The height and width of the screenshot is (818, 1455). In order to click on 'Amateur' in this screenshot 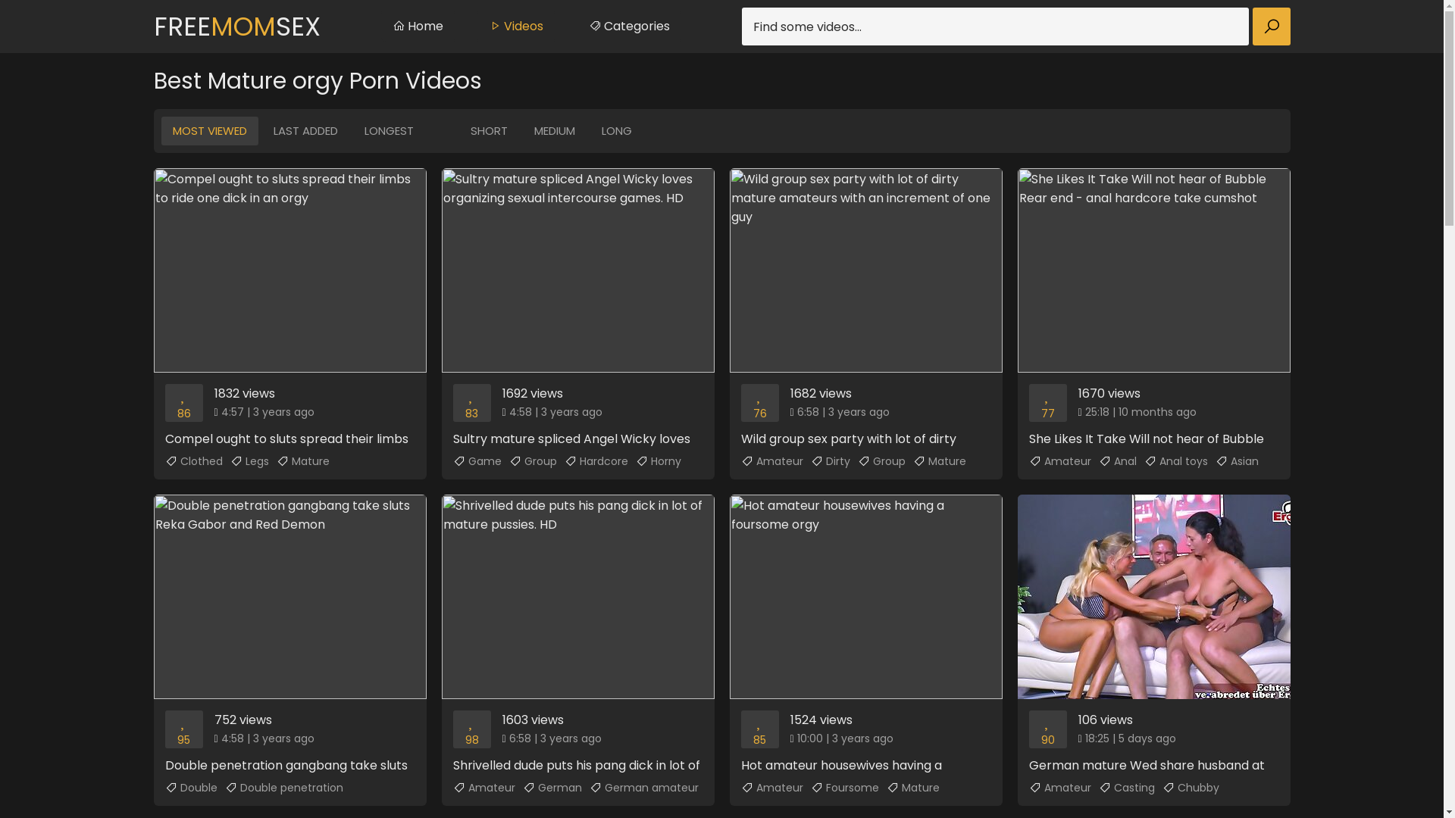, I will do `click(771, 461)`.